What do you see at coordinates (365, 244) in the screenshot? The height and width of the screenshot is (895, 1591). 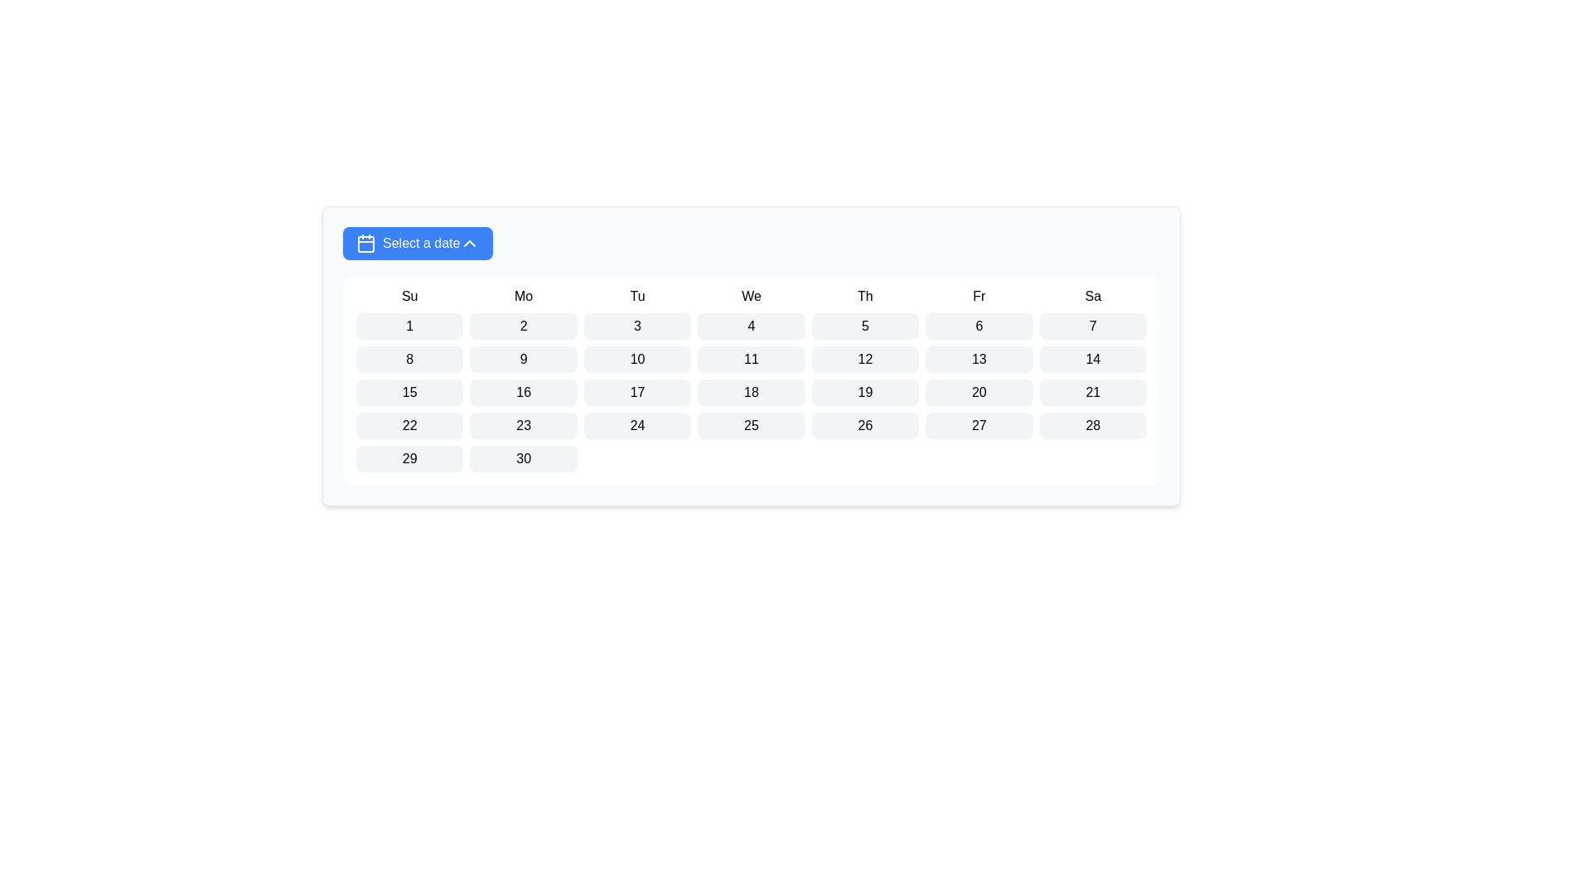 I see `the graphical icon component of the calendar icon located inside the blue rectangular button labeled 'Select a date'` at bounding box center [365, 244].